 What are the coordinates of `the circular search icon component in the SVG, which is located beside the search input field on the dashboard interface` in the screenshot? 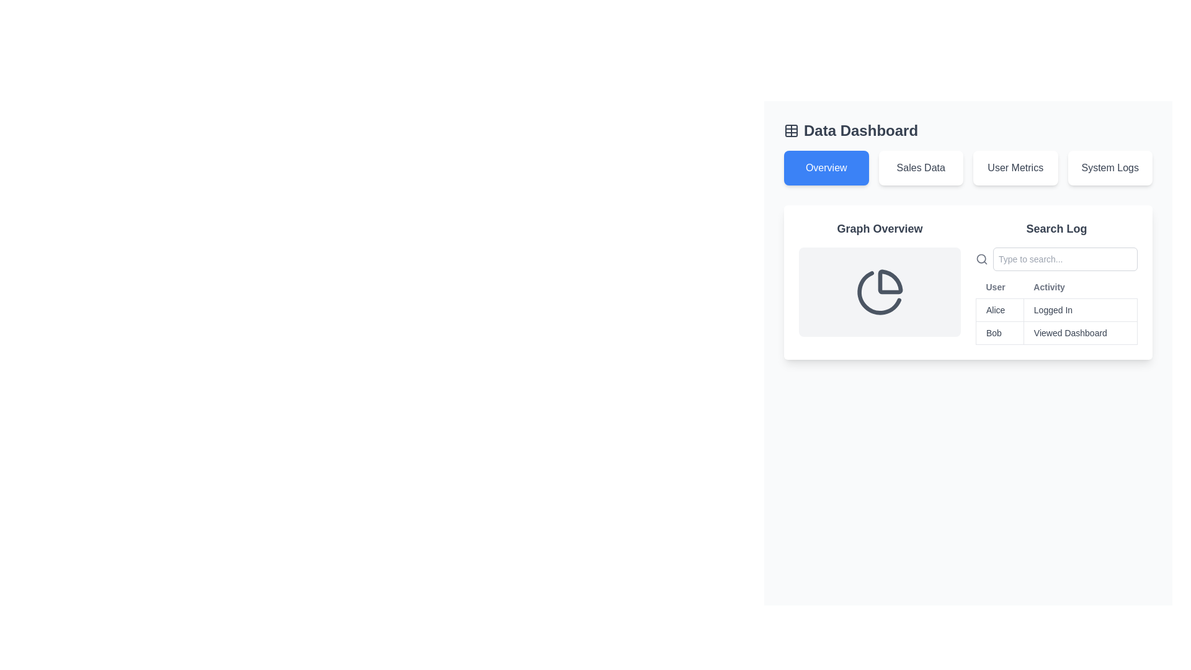 It's located at (981, 258).